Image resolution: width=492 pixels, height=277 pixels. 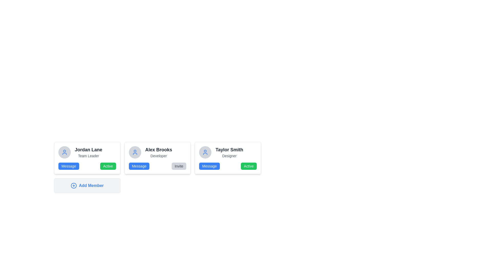 I want to click on the 'Message' button with blue background and white text, so click(x=209, y=166).